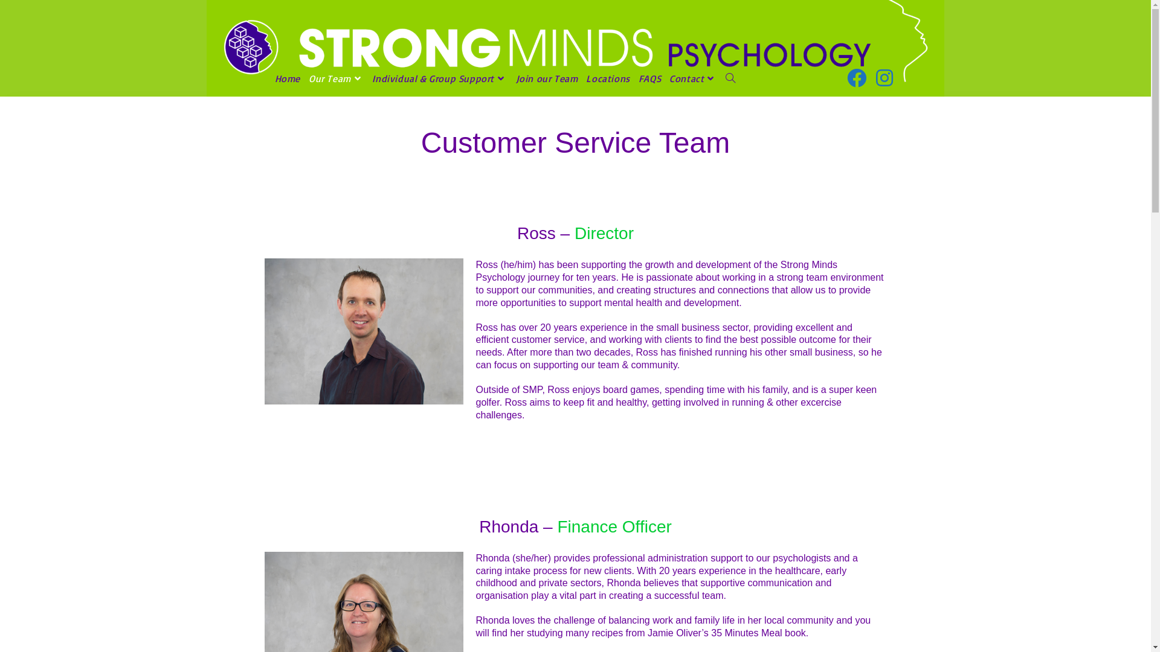  I want to click on 'Home', so click(286, 78).